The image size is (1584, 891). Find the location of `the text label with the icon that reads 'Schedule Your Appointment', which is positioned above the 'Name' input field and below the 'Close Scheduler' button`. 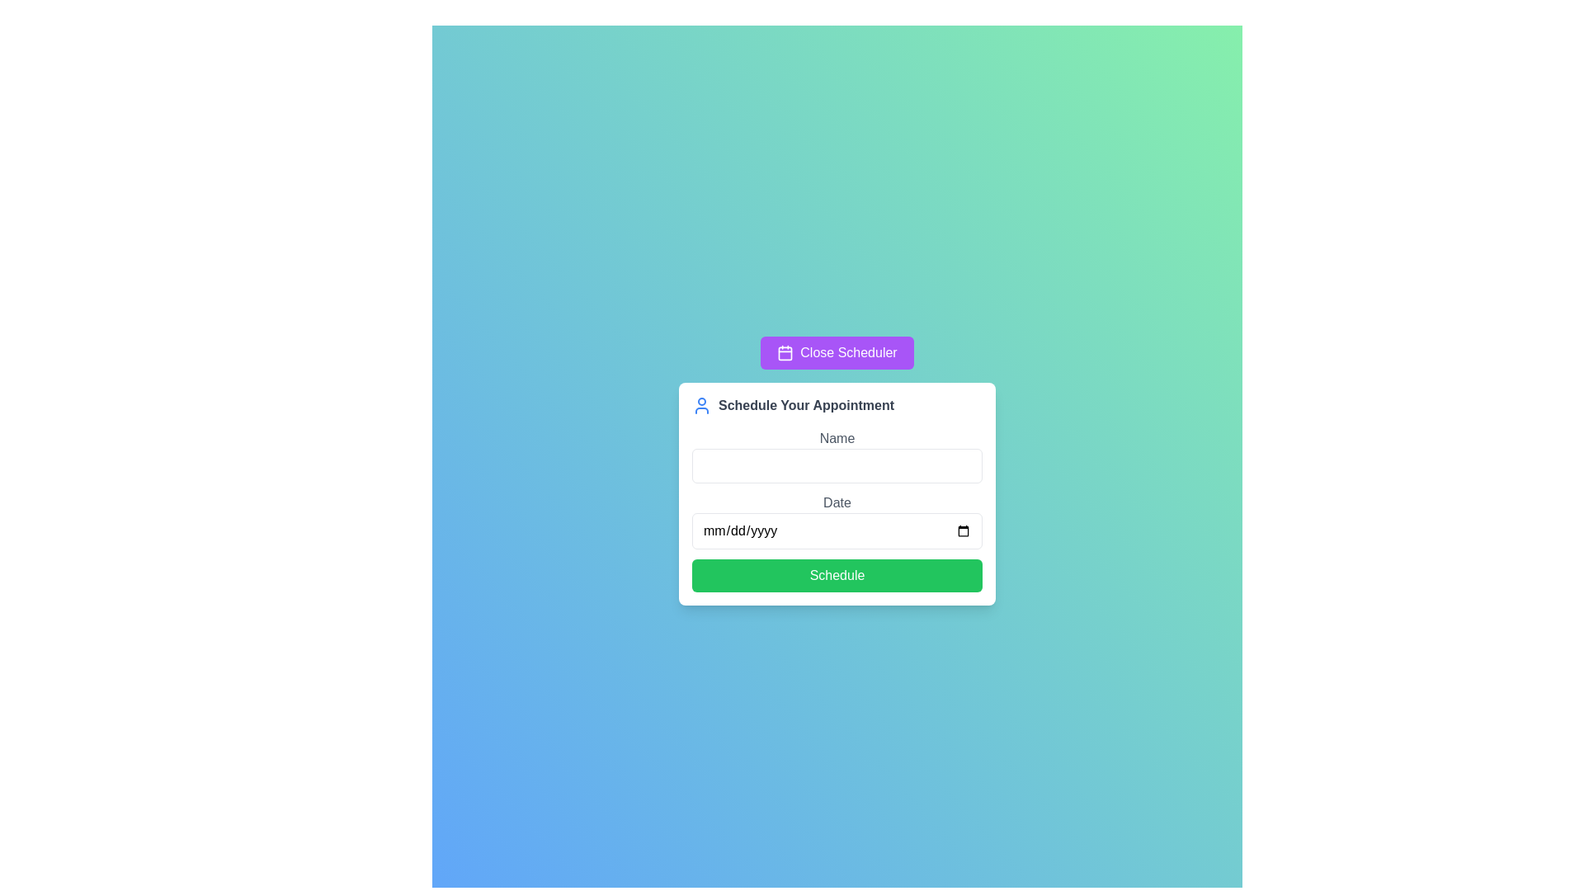

the text label with the icon that reads 'Schedule Your Appointment', which is positioned above the 'Name' input field and below the 'Close Scheduler' button is located at coordinates (837, 406).